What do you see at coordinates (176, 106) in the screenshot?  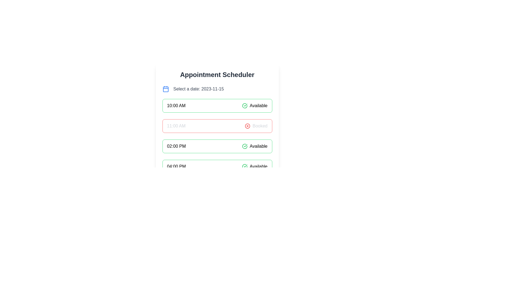 I see `the text label displaying '10:00 AM' in bold font located in the schedule interface, which indicates availability` at bounding box center [176, 106].